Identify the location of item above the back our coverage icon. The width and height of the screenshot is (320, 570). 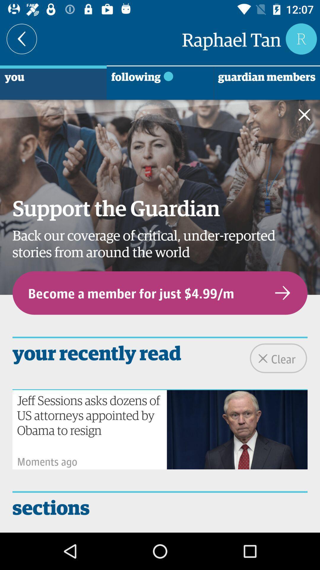
(308, 116).